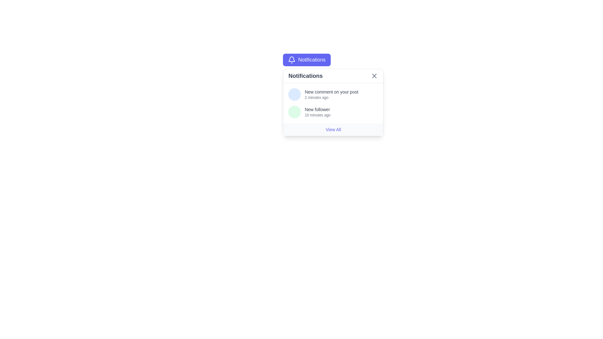 The height and width of the screenshot is (339, 603). I want to click on the notification entry indicating a new follower that appears, so click(333, 112).